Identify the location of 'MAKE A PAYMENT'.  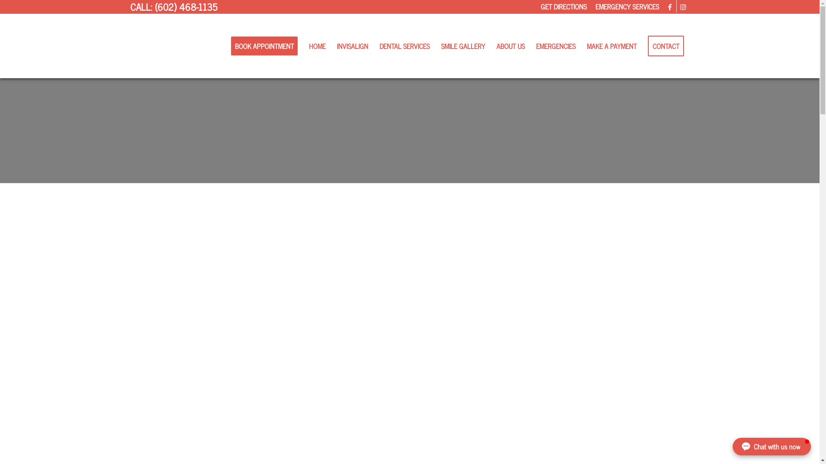
(610, 46).